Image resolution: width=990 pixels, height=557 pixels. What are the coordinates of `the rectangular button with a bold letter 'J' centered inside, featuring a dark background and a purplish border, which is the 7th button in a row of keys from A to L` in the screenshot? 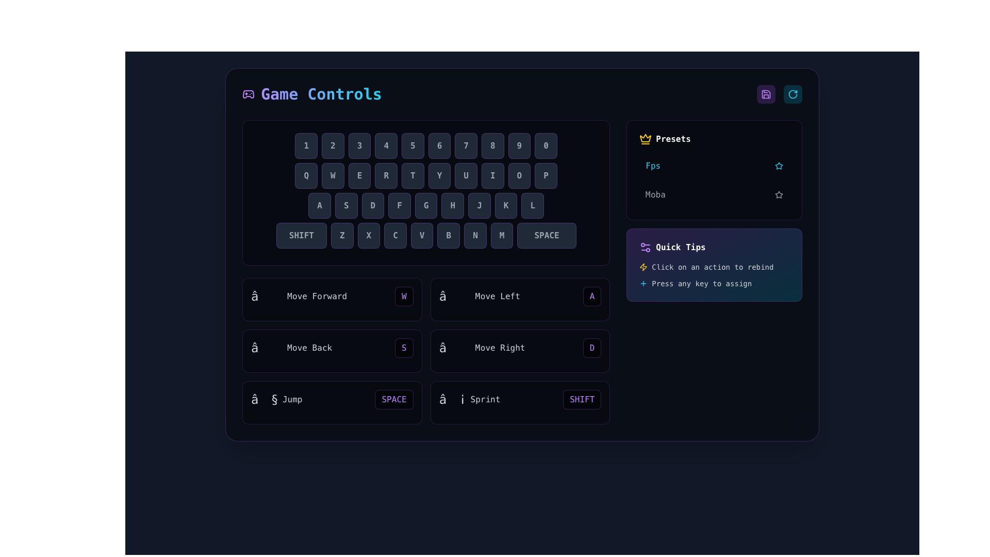 It's located at (478, 205).